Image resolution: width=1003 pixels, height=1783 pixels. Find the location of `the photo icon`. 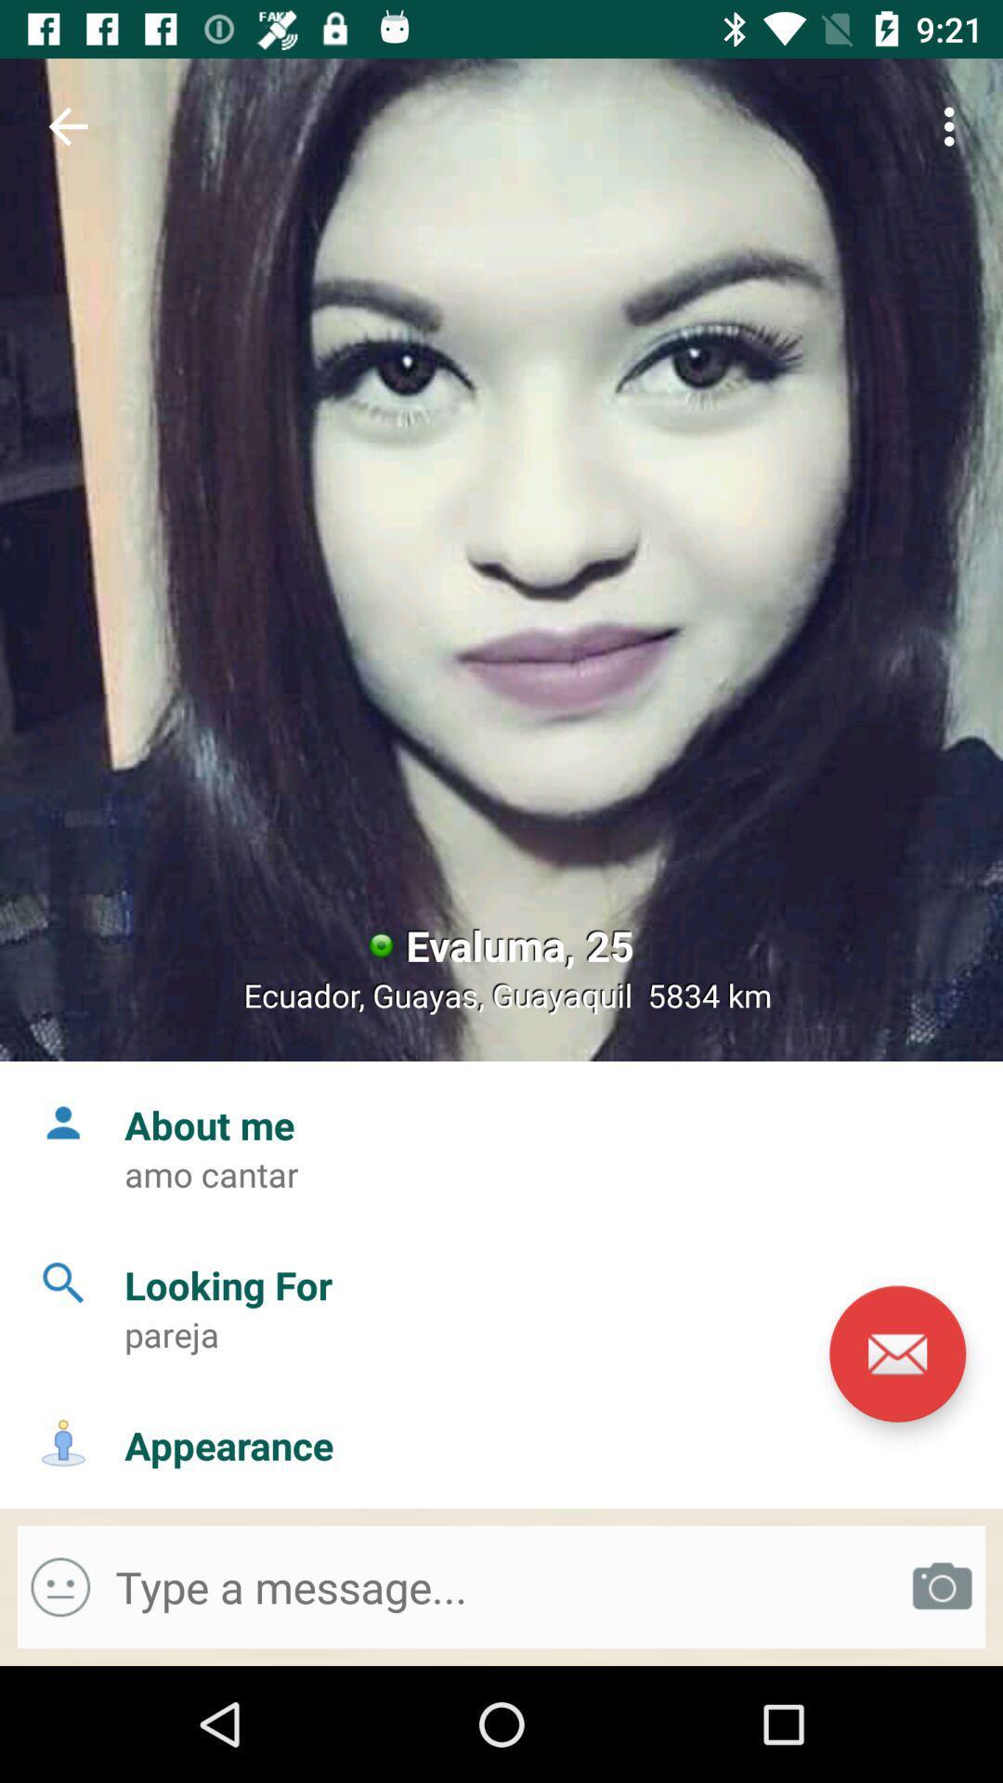

the photo icon is located at coordinates (942, 1586).